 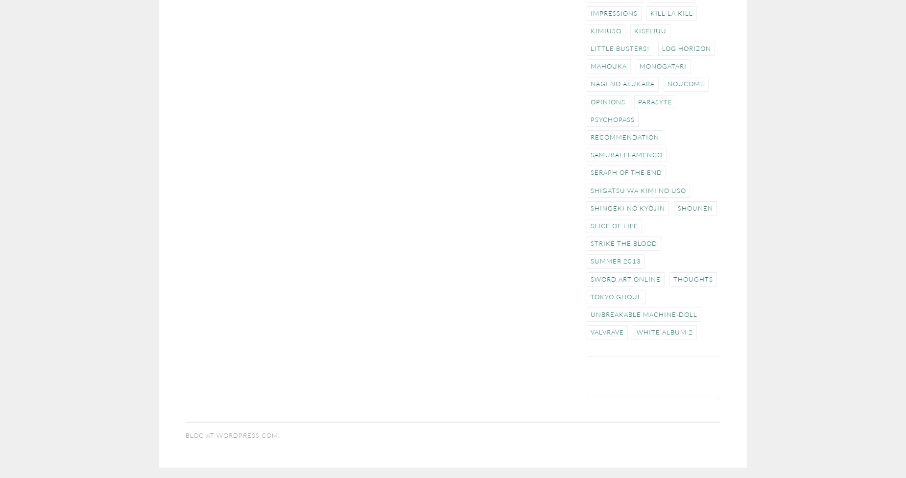 What do you see at coordinates (686, 48) in the screenshot?
I see `'Log Horizon'` at bounding box center [686, 48].